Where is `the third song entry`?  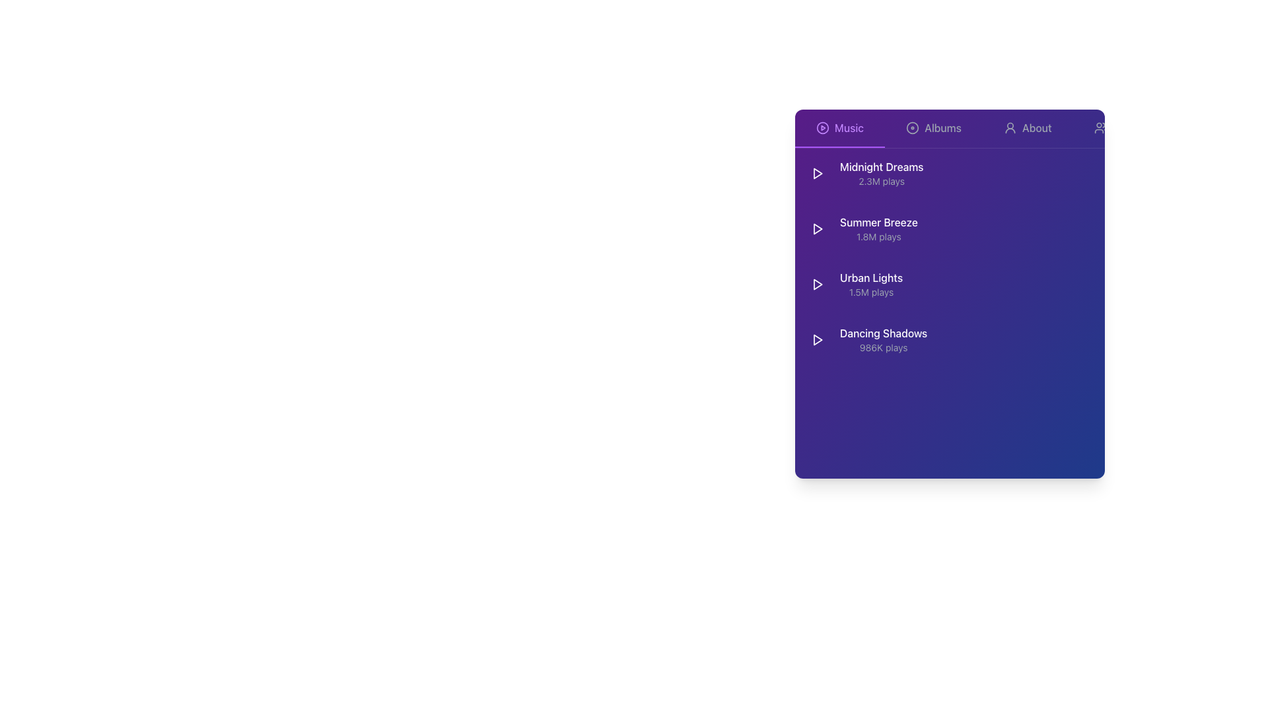
the third song entry is located at coordinates (949, 284).